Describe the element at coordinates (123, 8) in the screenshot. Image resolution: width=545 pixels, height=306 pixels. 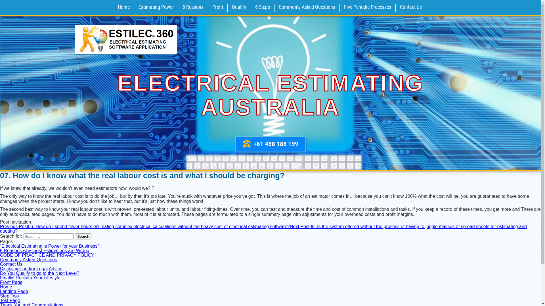
I see `'Home'` at that location.